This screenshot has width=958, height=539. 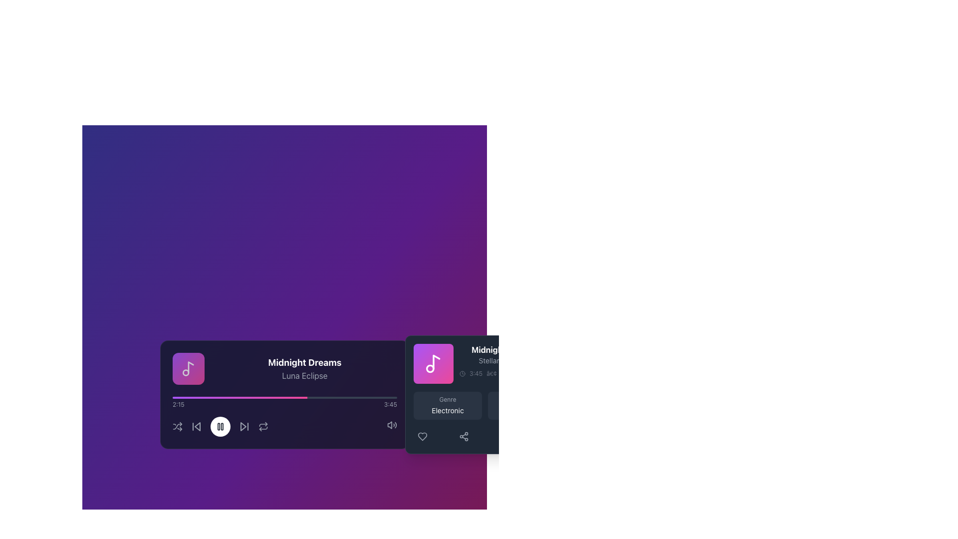 I want to click on playback progress, so click(x=313, y=397).